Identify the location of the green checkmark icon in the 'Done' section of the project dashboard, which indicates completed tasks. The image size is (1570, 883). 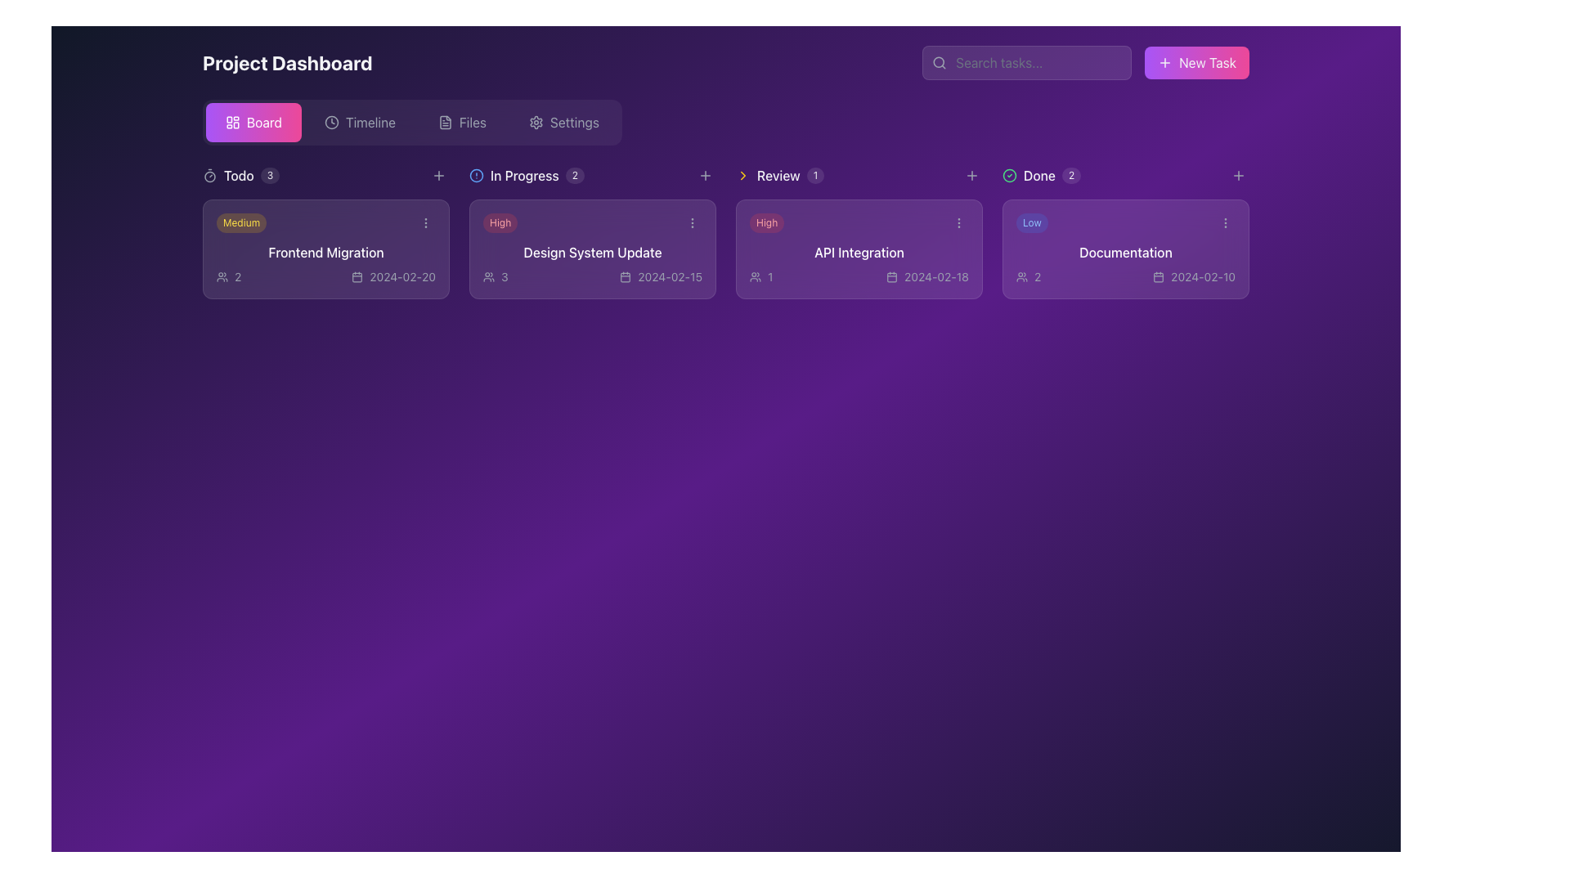
(1008, 176).